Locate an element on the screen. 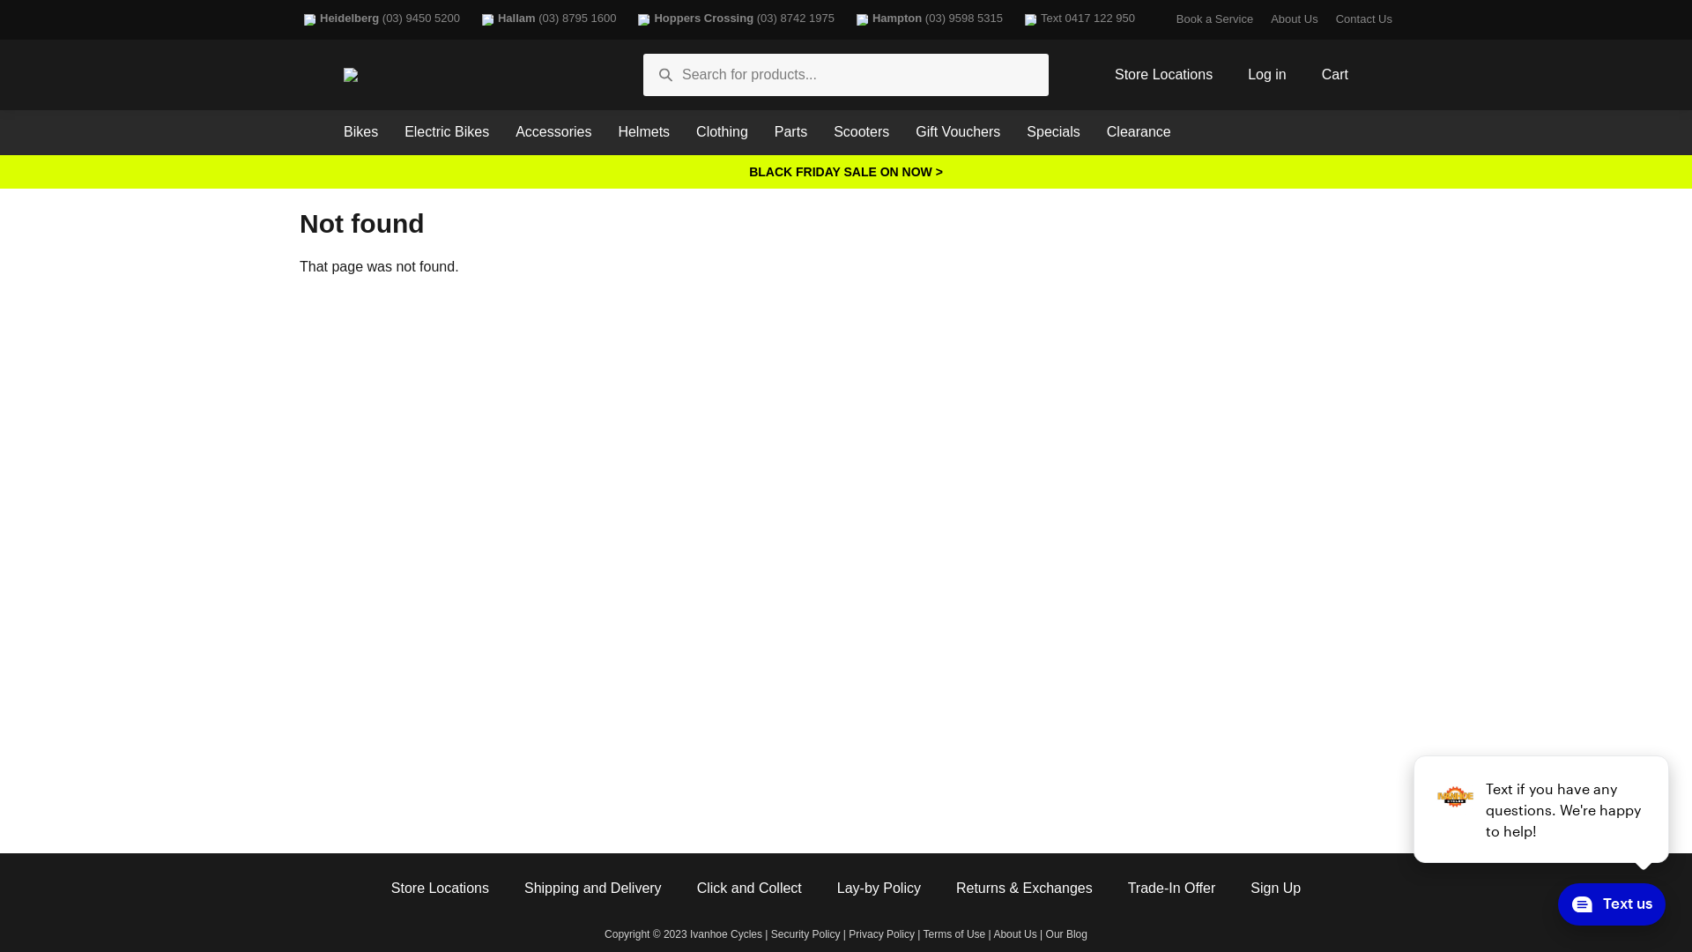 This screenshot has height=952, width=1692. 'Scooters' is located at coordinates (861, 131).